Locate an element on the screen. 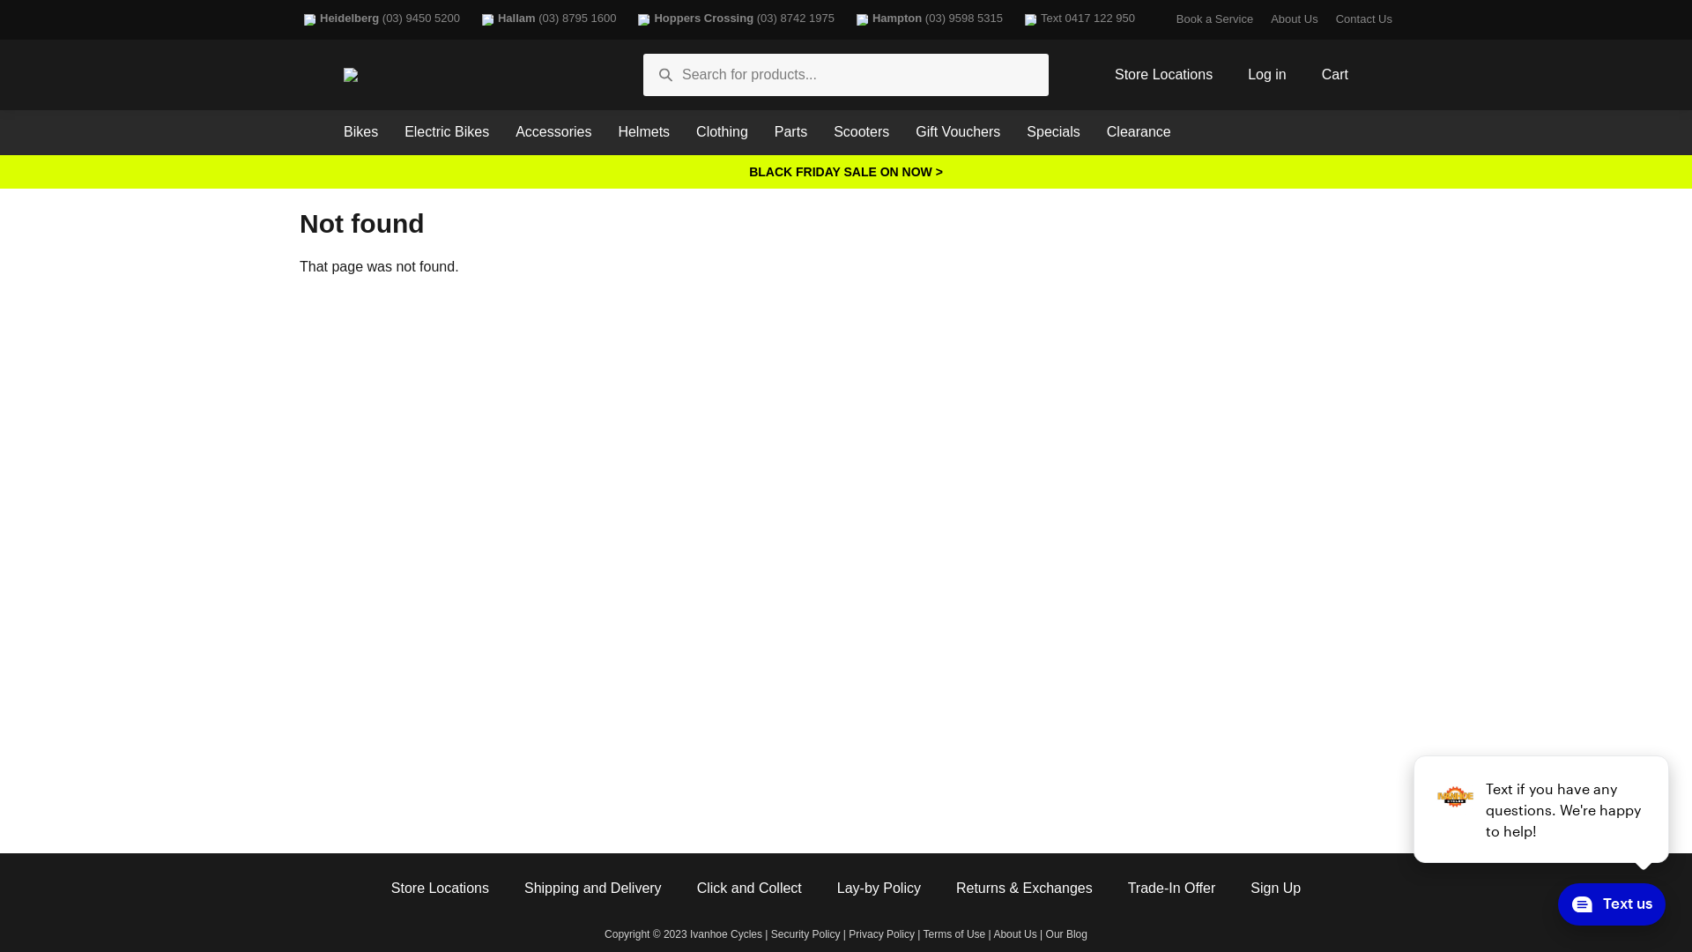 This screenshot has height=952, width=1692. 'Scooters' is located at coordinates (861, 131).